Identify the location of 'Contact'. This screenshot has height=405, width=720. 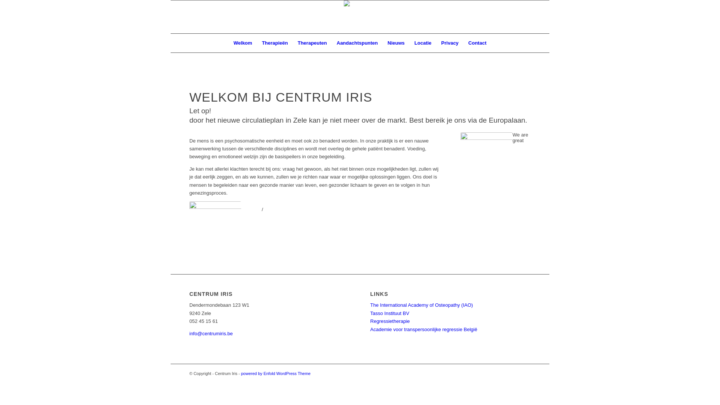
(477, 43).